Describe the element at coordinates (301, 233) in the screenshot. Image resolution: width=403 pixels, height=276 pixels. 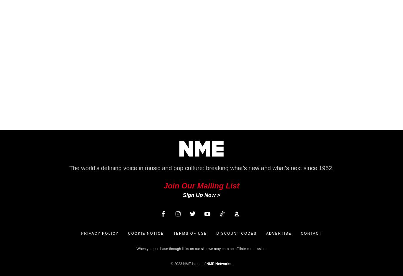
I see `'Contact'` at that location.